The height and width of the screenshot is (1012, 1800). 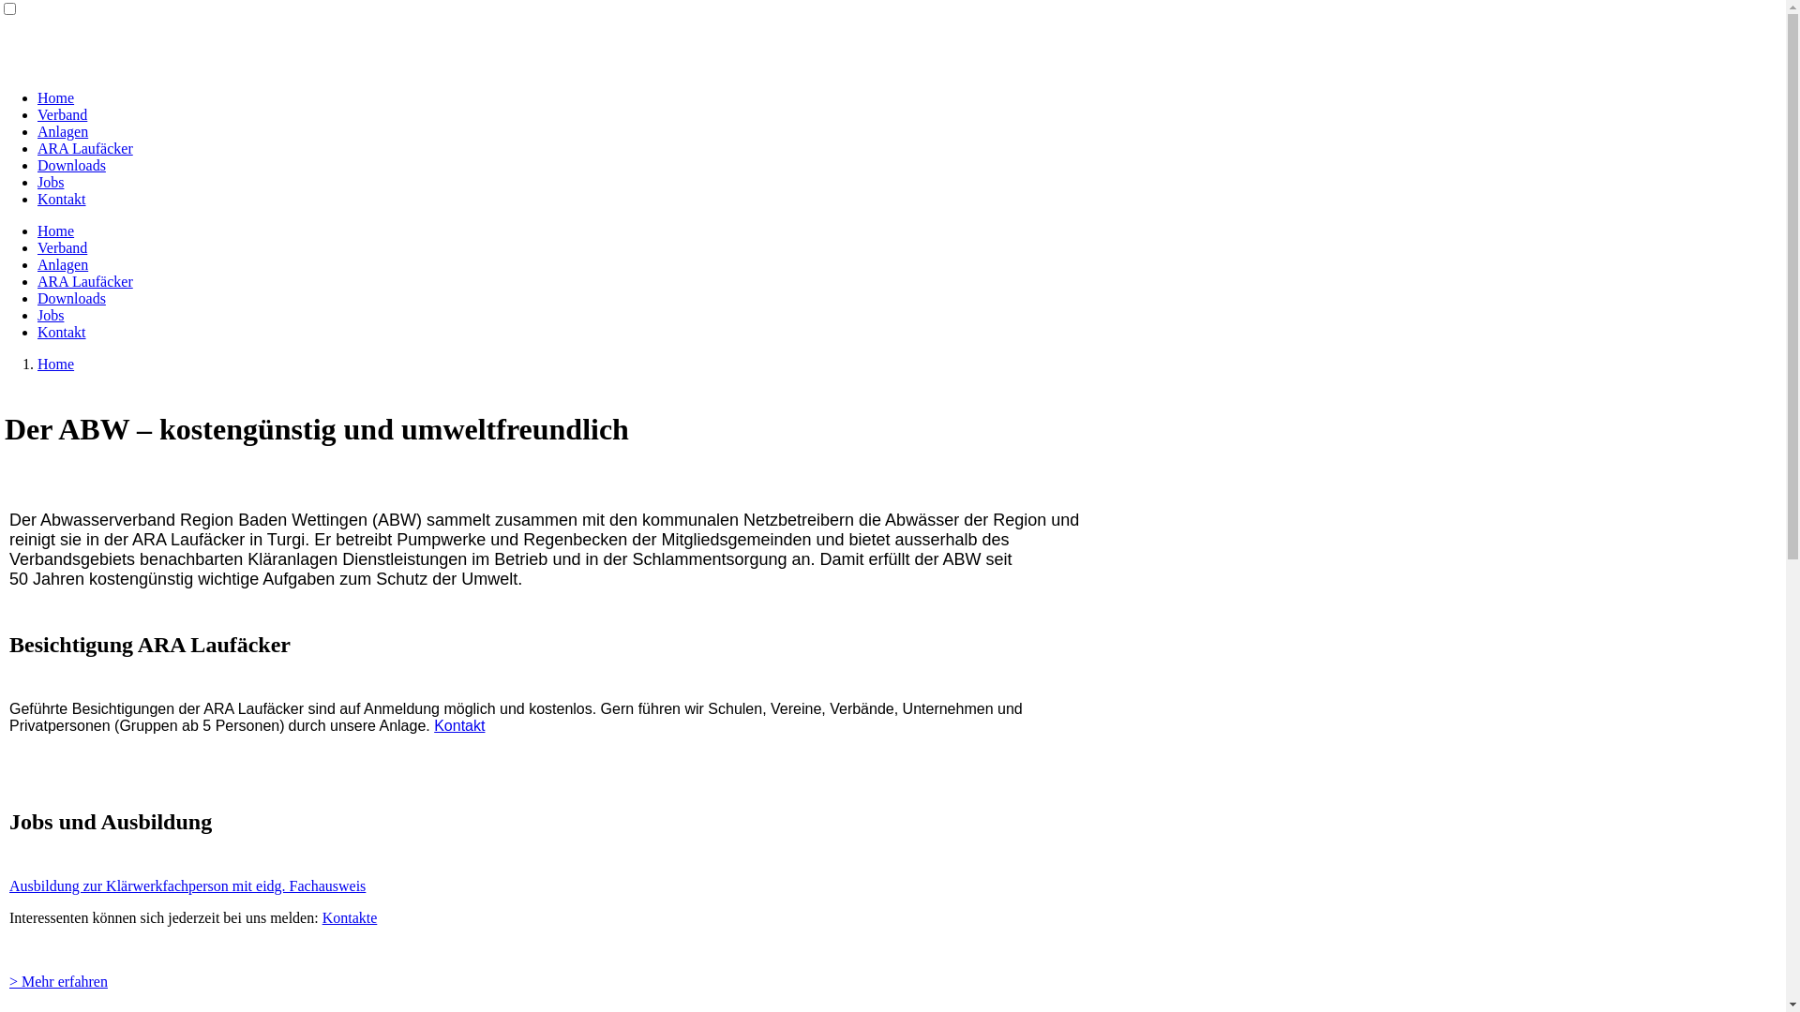 What do you see at coordinates (37, 199) in the screenshot?
I see `'Kontakt'` at bounding box center [37, 199].